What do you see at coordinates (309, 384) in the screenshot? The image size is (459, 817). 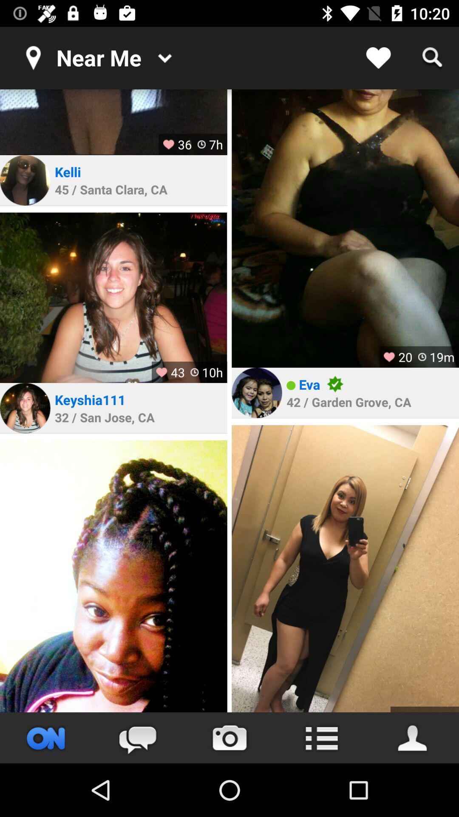 I see `the eva` at bounding box center [309, 384].